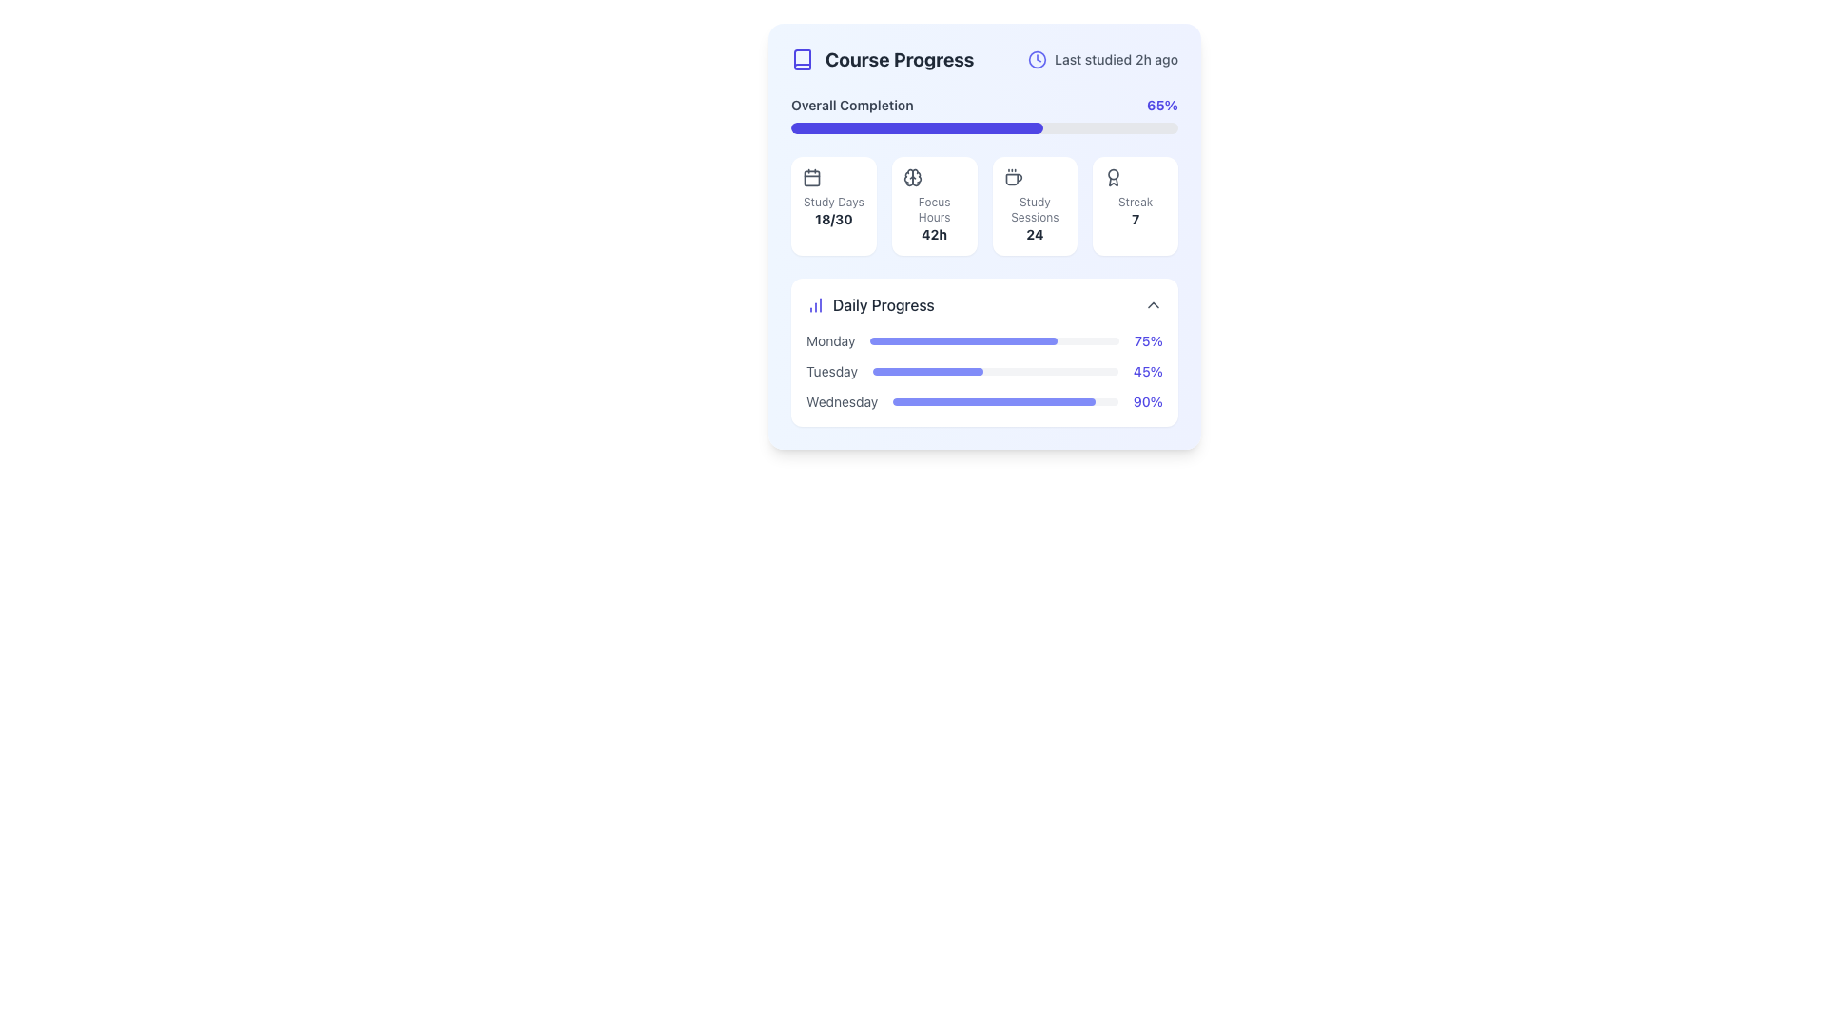  What do you see at coordinates (1136, 202) in the screenshot?
I see `the text label displaying 'streak' in lowercase, styled in gray and positioned within a card labeled with the number '7', located near the top right of the main interface` at bounding box center [1136, 202].